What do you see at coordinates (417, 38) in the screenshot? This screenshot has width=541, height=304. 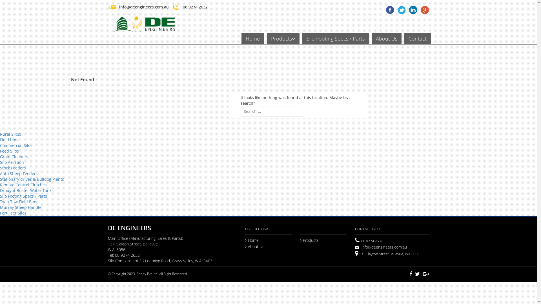 I see `'Contact'` at bounding box center [417, 38].